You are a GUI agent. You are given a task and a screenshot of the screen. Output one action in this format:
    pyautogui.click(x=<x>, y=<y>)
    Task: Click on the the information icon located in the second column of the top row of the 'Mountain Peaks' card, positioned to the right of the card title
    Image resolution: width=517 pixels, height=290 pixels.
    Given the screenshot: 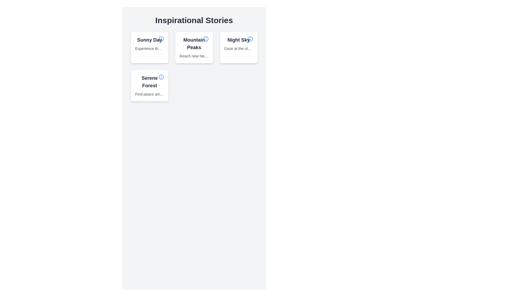 What is the action you would take?
    pyautogui.click(x=205, y=39)
    